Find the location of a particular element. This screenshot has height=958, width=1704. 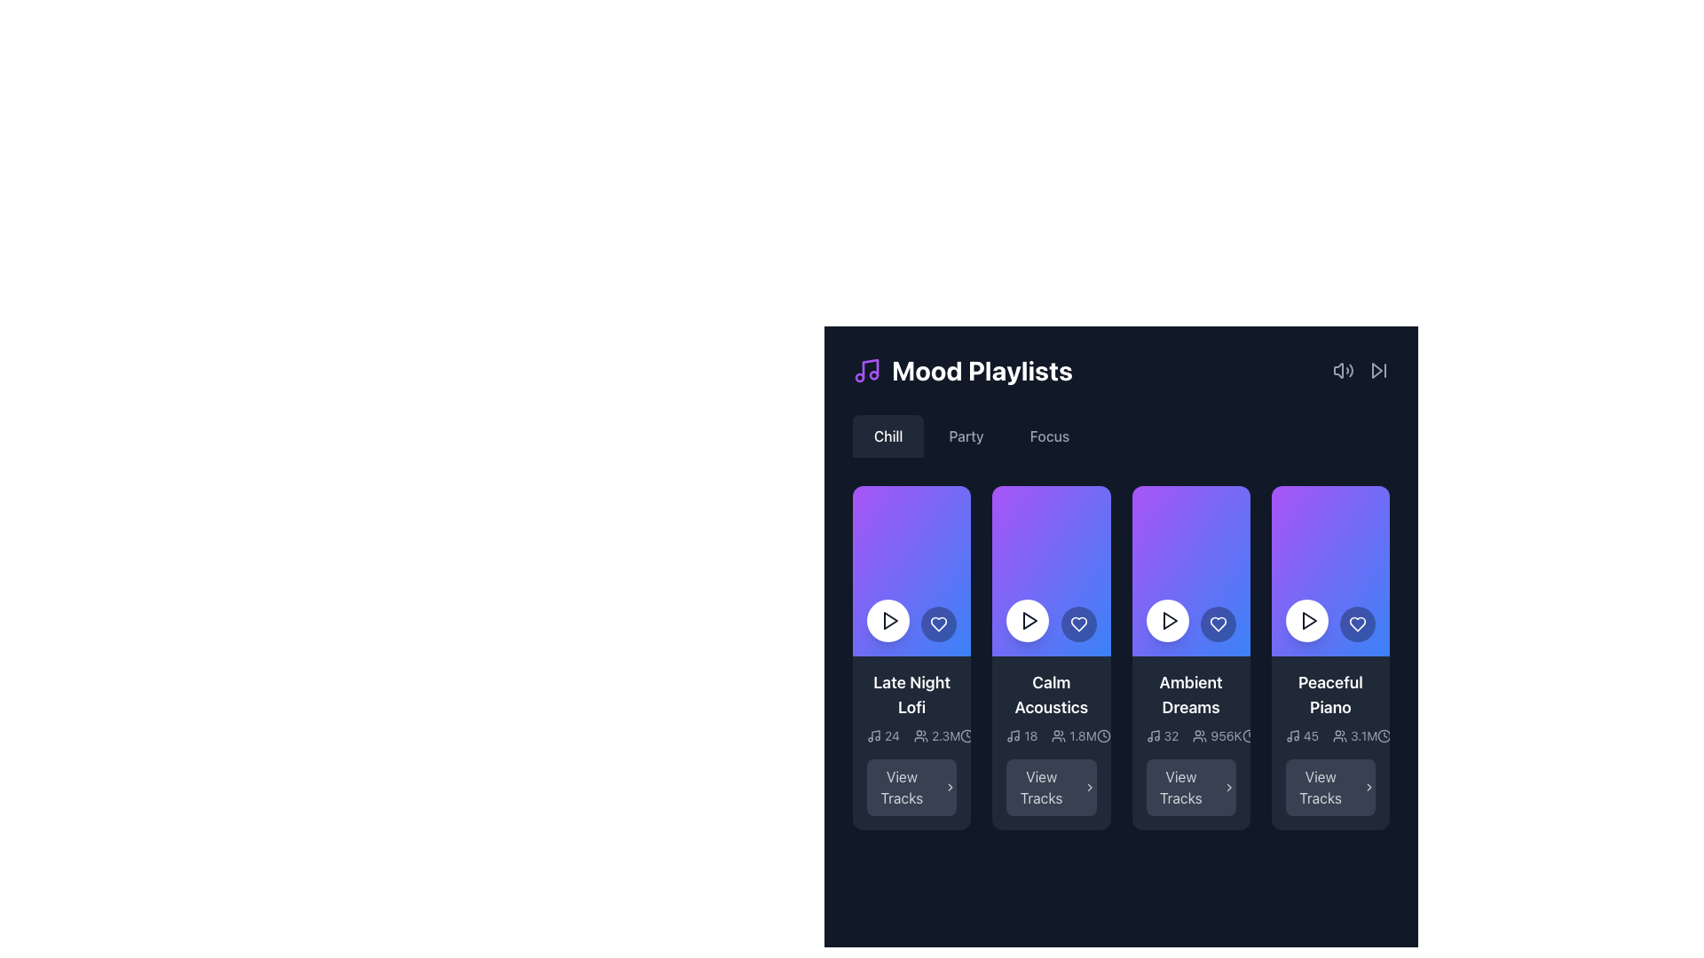

the user icon displayed next to the number of followers or listeners for the 'Ambient Dreams' playlist, located in the bottom section of the playlist card is located at coordinates (1217, 735).